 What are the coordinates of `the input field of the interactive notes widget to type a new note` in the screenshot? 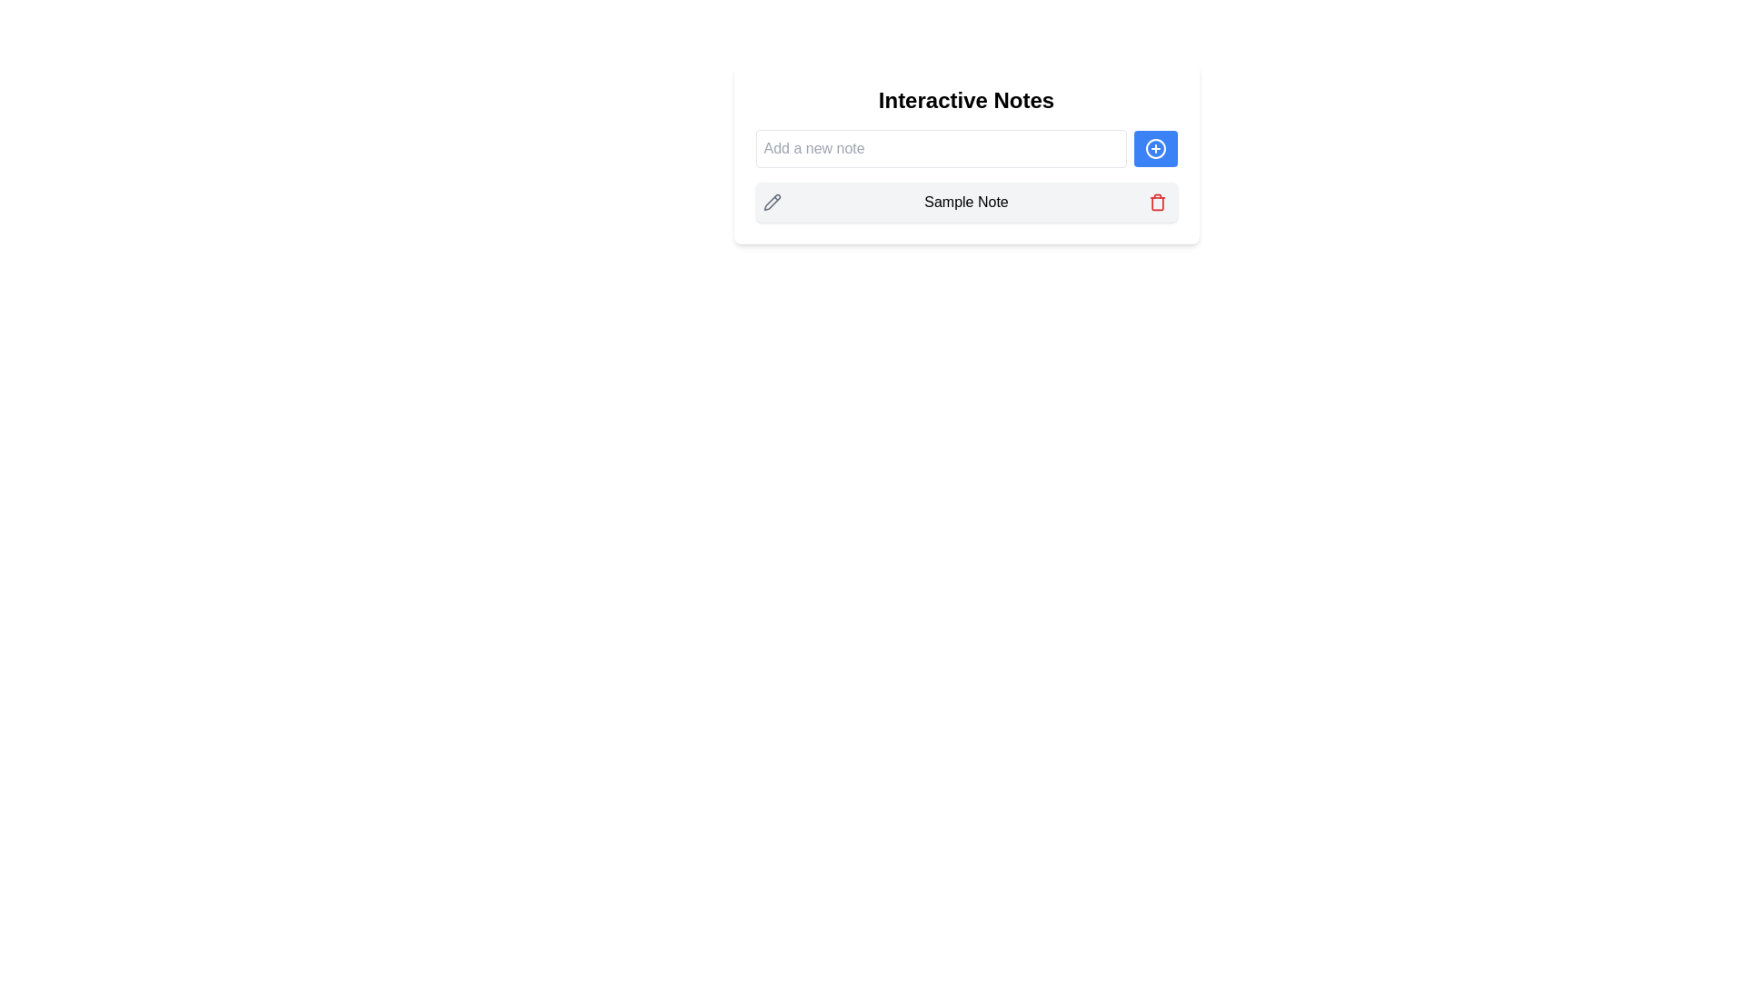 It's located at (965, 153).